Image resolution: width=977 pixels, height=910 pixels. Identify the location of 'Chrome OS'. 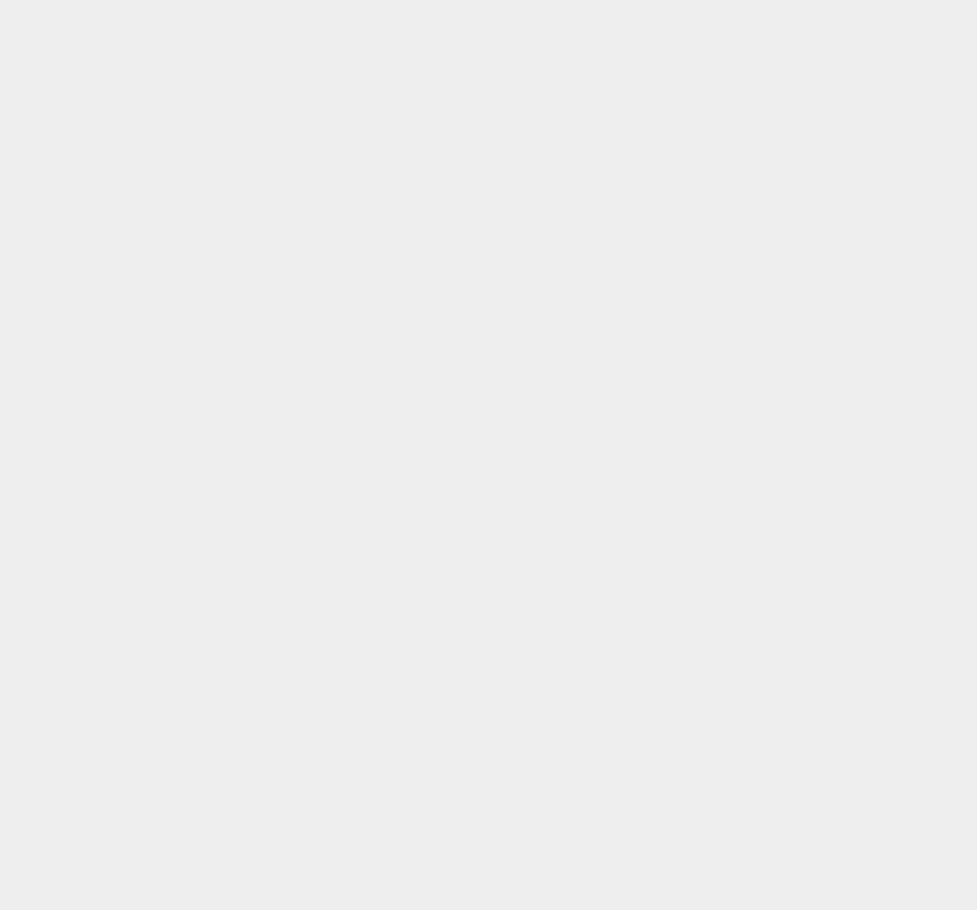
(720, 731).